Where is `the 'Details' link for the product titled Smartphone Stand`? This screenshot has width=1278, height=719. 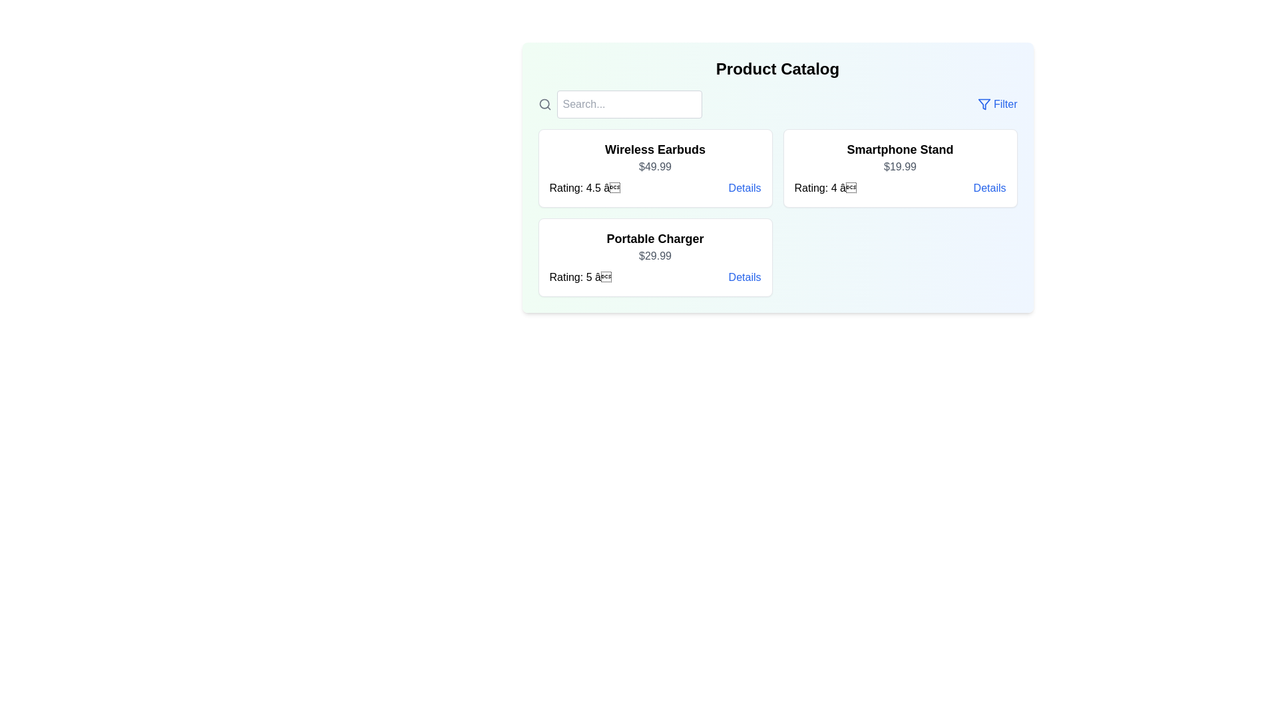 the 'Details' link for the product titled Smartphone Stand is located at coordinates (990, 188).